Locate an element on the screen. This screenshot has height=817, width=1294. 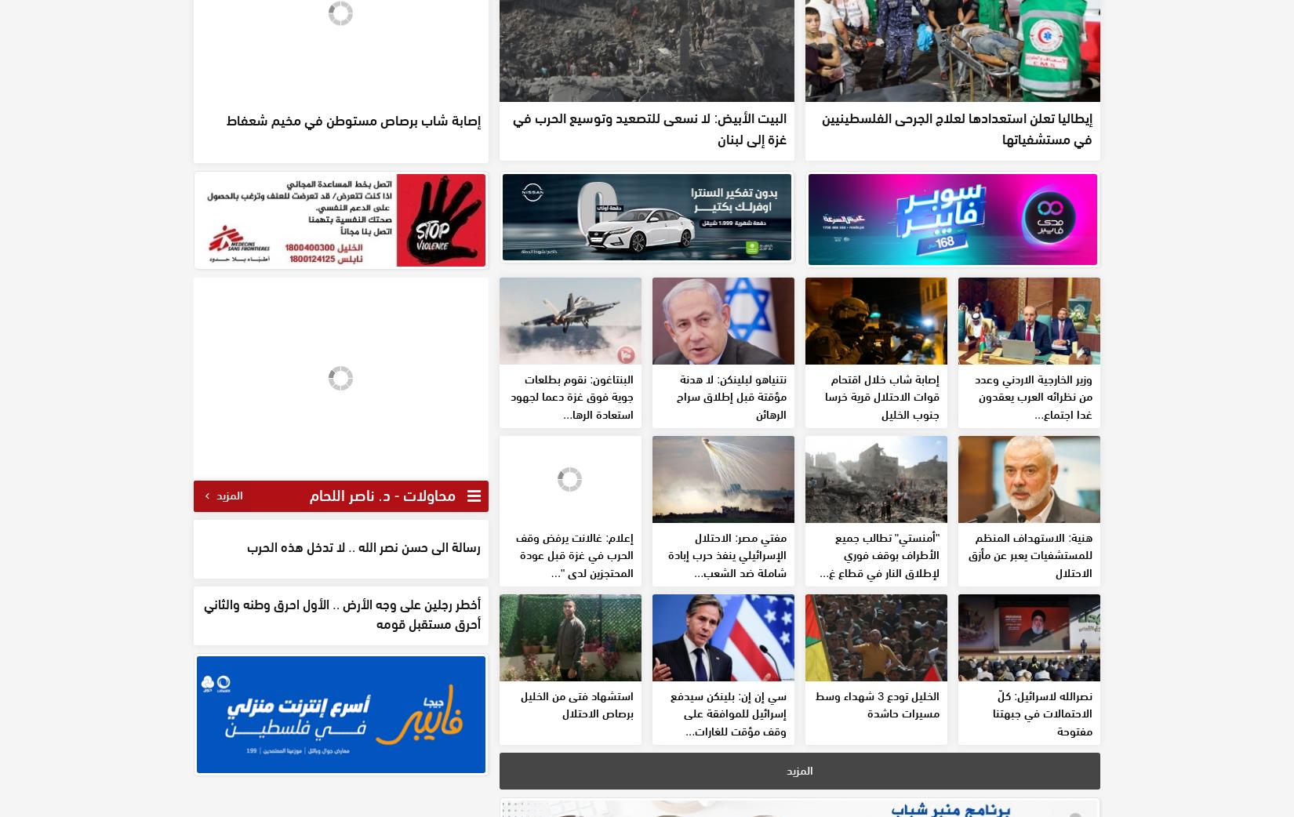
'البيت الأبيض: لا نسعى للتصعيد وتوسيع الحرب في غزة إلى لبنان' is located at coordinates (512, 127).